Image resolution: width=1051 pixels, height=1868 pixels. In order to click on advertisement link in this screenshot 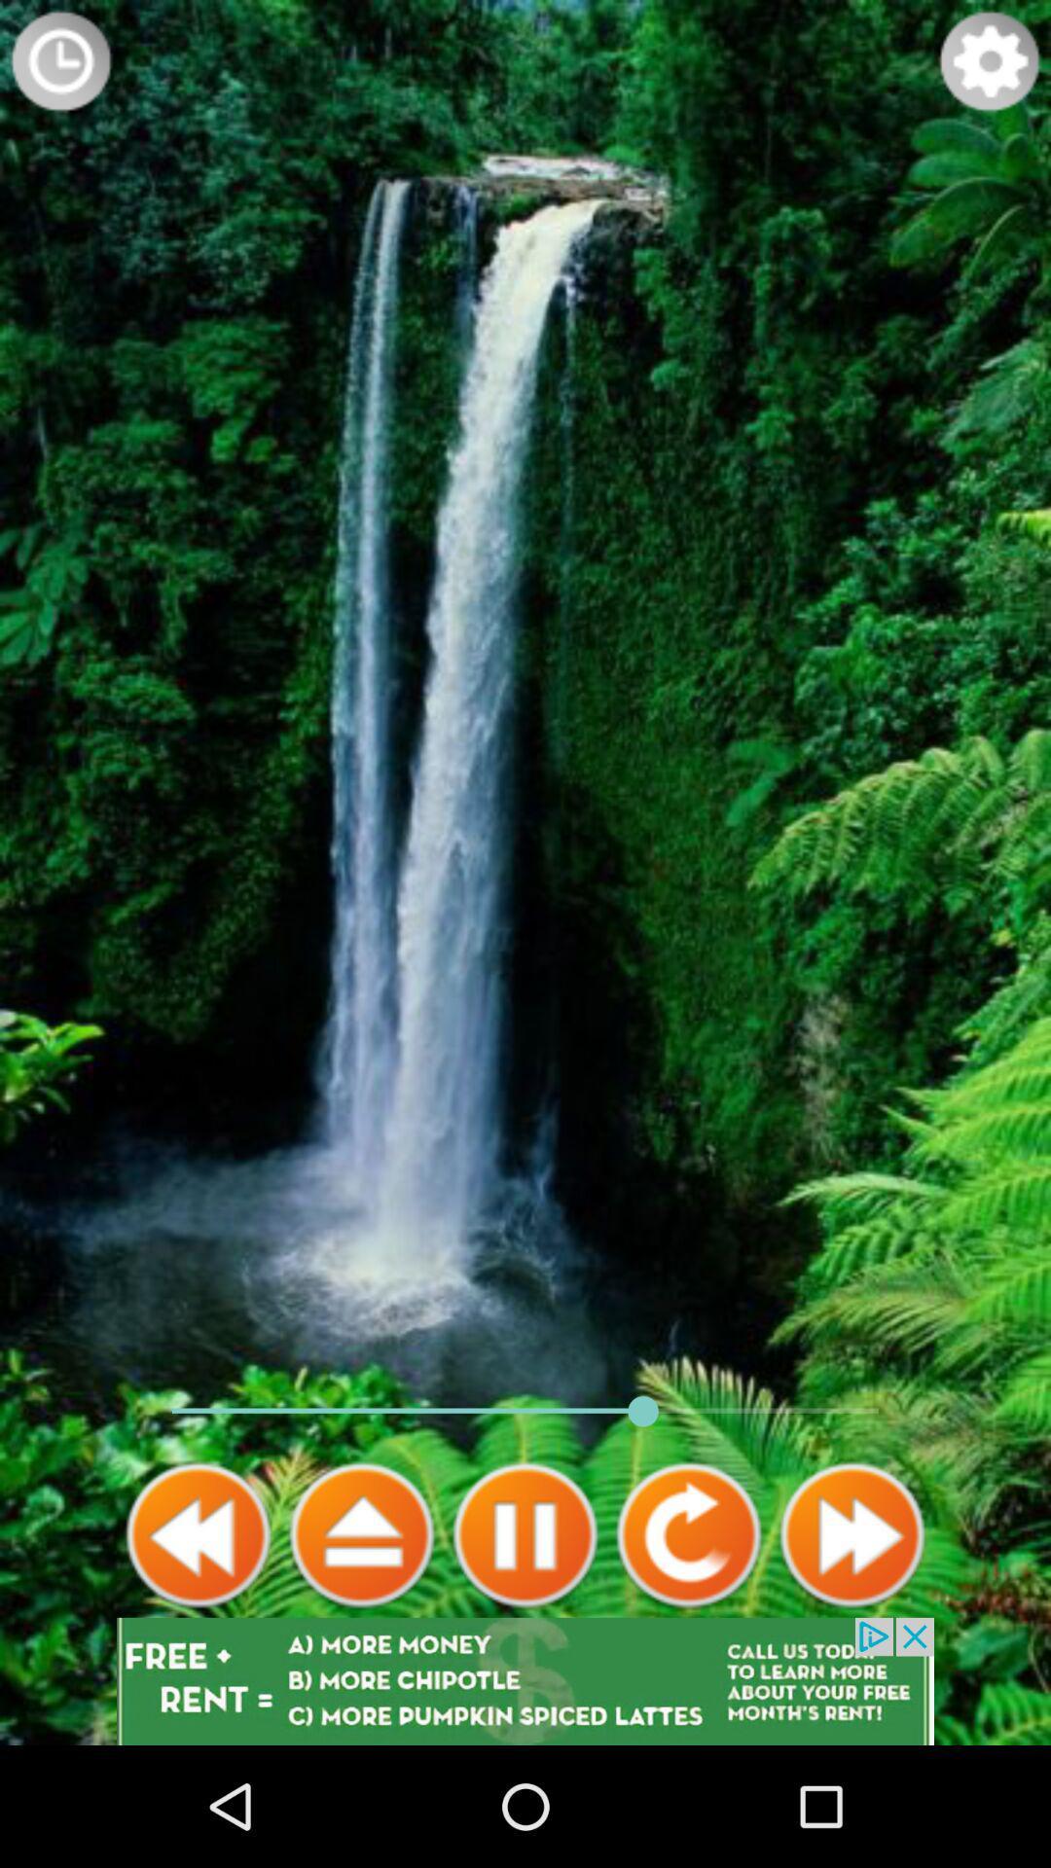, I will do `click(525, 1680)`.